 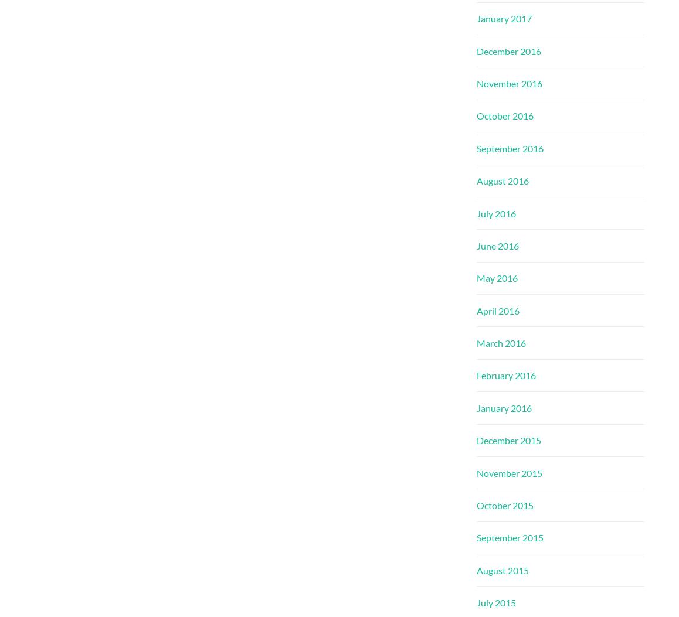 I want to click on 'July 2016', so click(x=495, y=212).